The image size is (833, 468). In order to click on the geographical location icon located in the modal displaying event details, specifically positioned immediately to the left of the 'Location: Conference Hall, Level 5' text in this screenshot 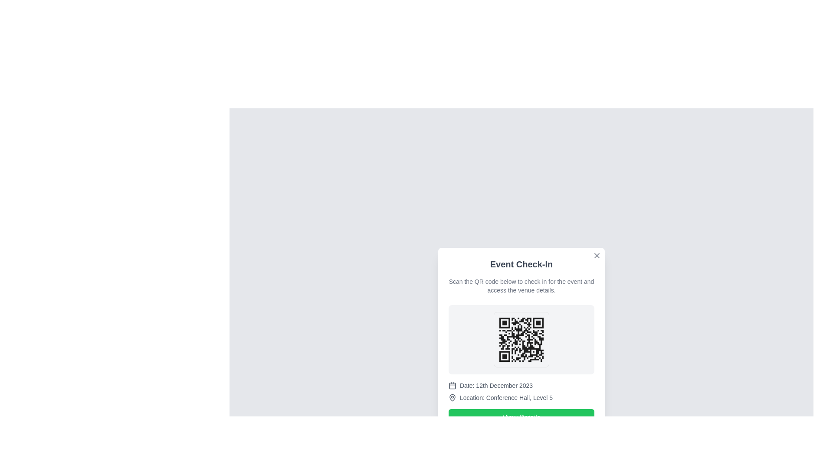, I will do `click(452, 397)`.